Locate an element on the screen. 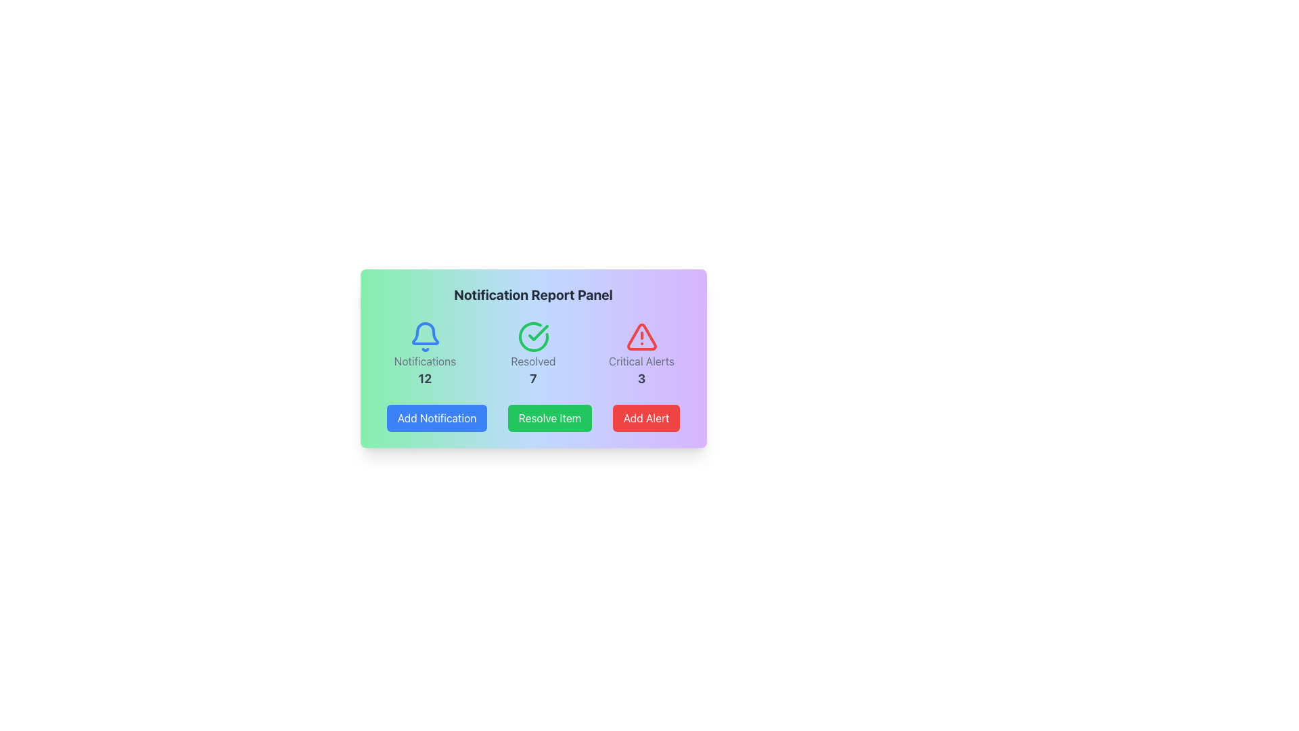  the Information Panel, which displays critical alerts or warnings, positioned to the far right in a horizontal group of three sections is located at coordinates (641, 354).